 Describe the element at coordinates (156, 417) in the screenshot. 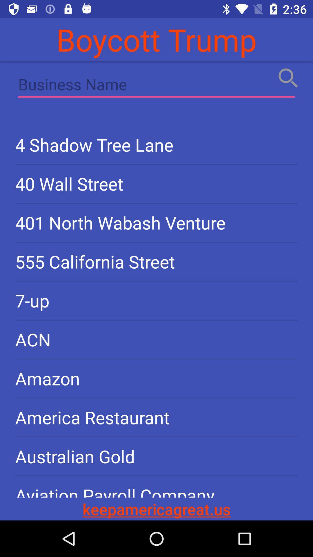

I see `the item above australian gold icon` at that location.